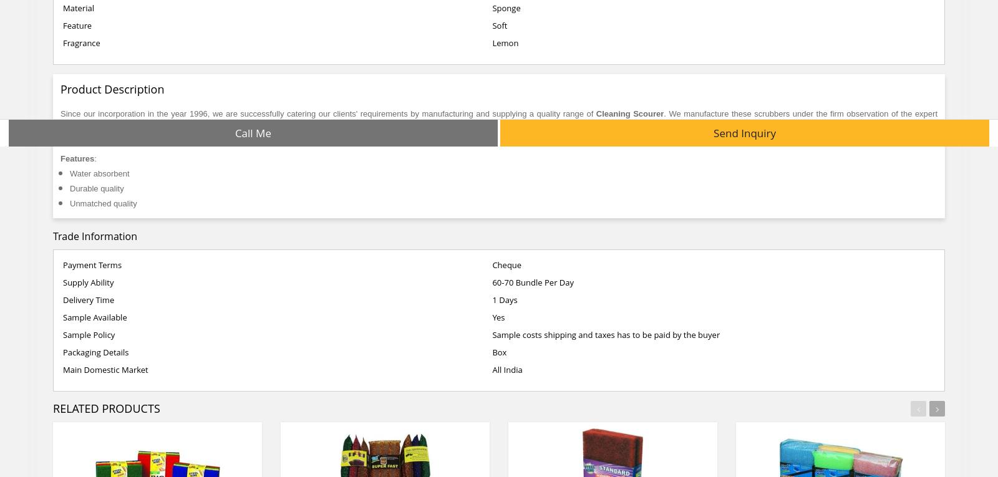  What do you see at coordinates (62, 334) in the screenshot?
I see `'Sample Policy'` at bounding box center [62, 334].